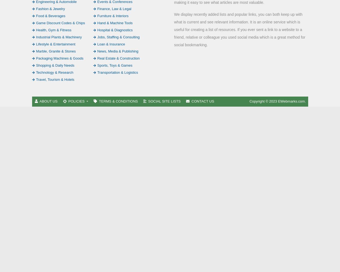 The height and width of the screenshot is (272, 340). Describe the element at coordinates (114, 8) in the screenshot. I see `'Finance, Law & Legal'` at that location.